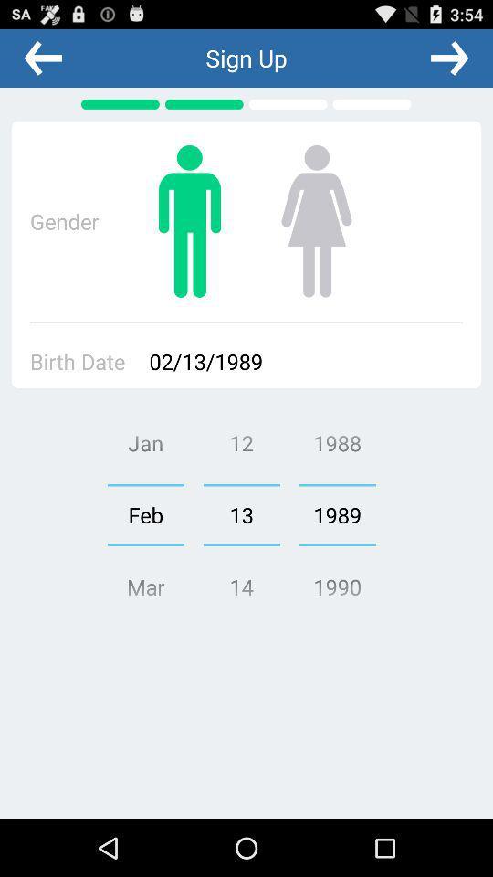 The width and height of the screenshot is (493, 877). I want to click on the gender male, so click(189, 220).